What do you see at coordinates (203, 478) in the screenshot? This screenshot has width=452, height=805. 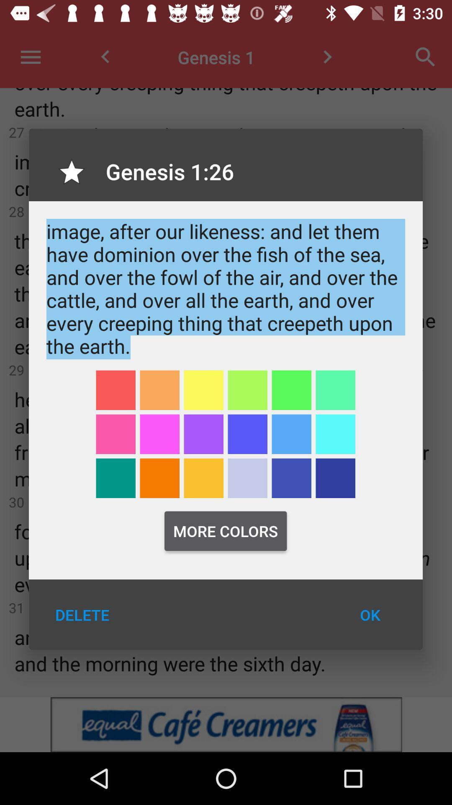 I see `color pallet and color orange` at bounding box center [203, 478].